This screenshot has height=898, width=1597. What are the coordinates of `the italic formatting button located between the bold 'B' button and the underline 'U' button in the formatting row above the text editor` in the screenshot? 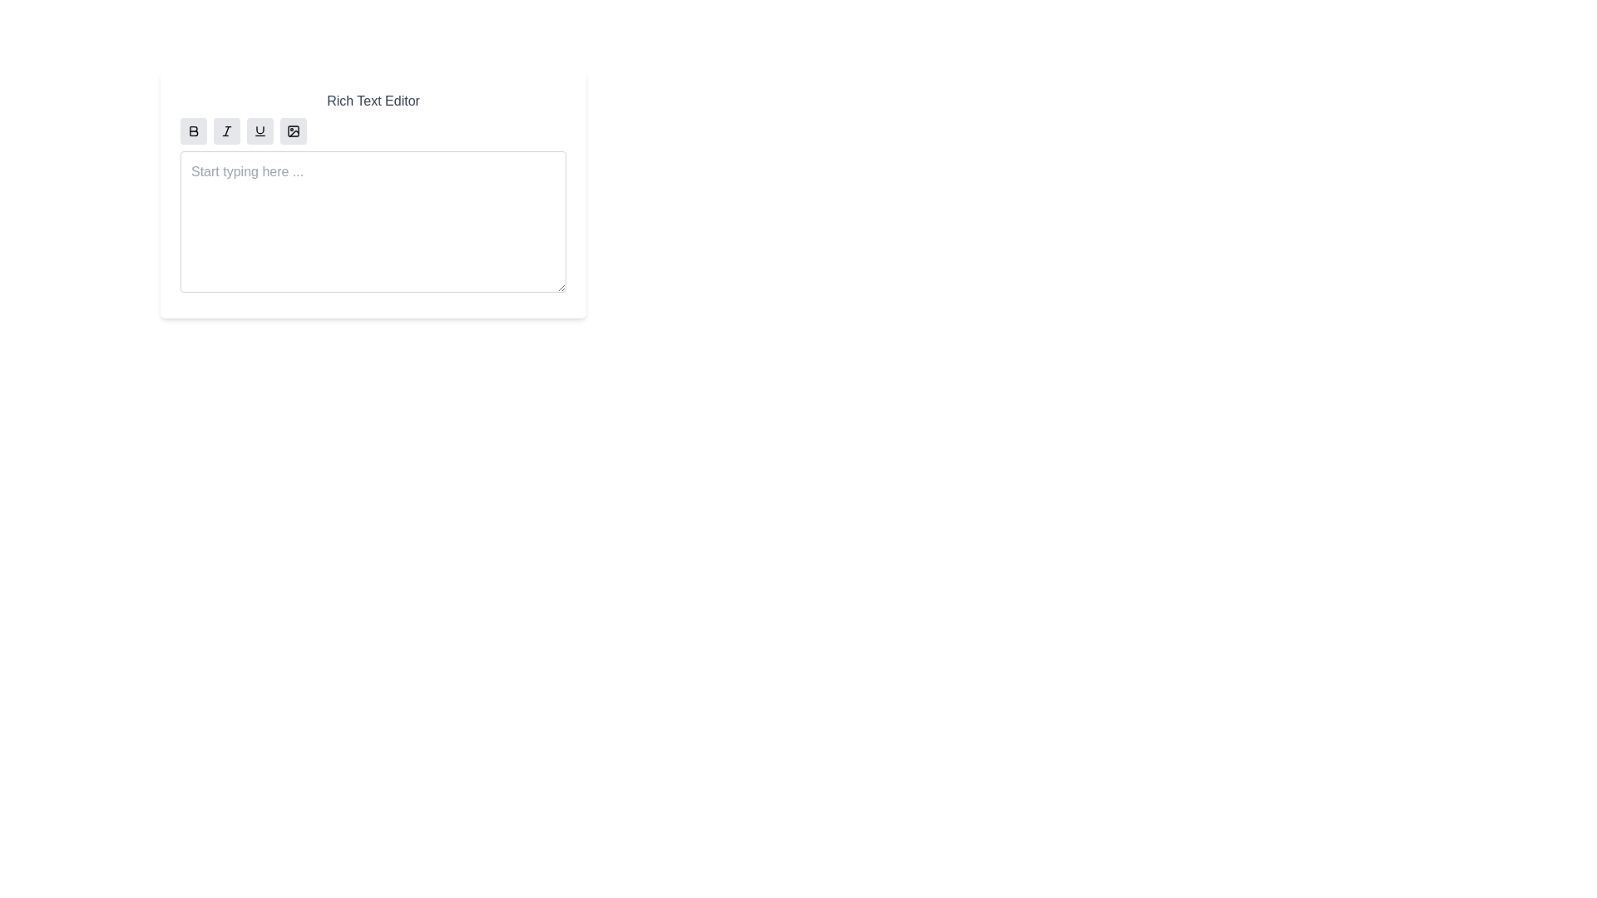 It's located at (226, 131).